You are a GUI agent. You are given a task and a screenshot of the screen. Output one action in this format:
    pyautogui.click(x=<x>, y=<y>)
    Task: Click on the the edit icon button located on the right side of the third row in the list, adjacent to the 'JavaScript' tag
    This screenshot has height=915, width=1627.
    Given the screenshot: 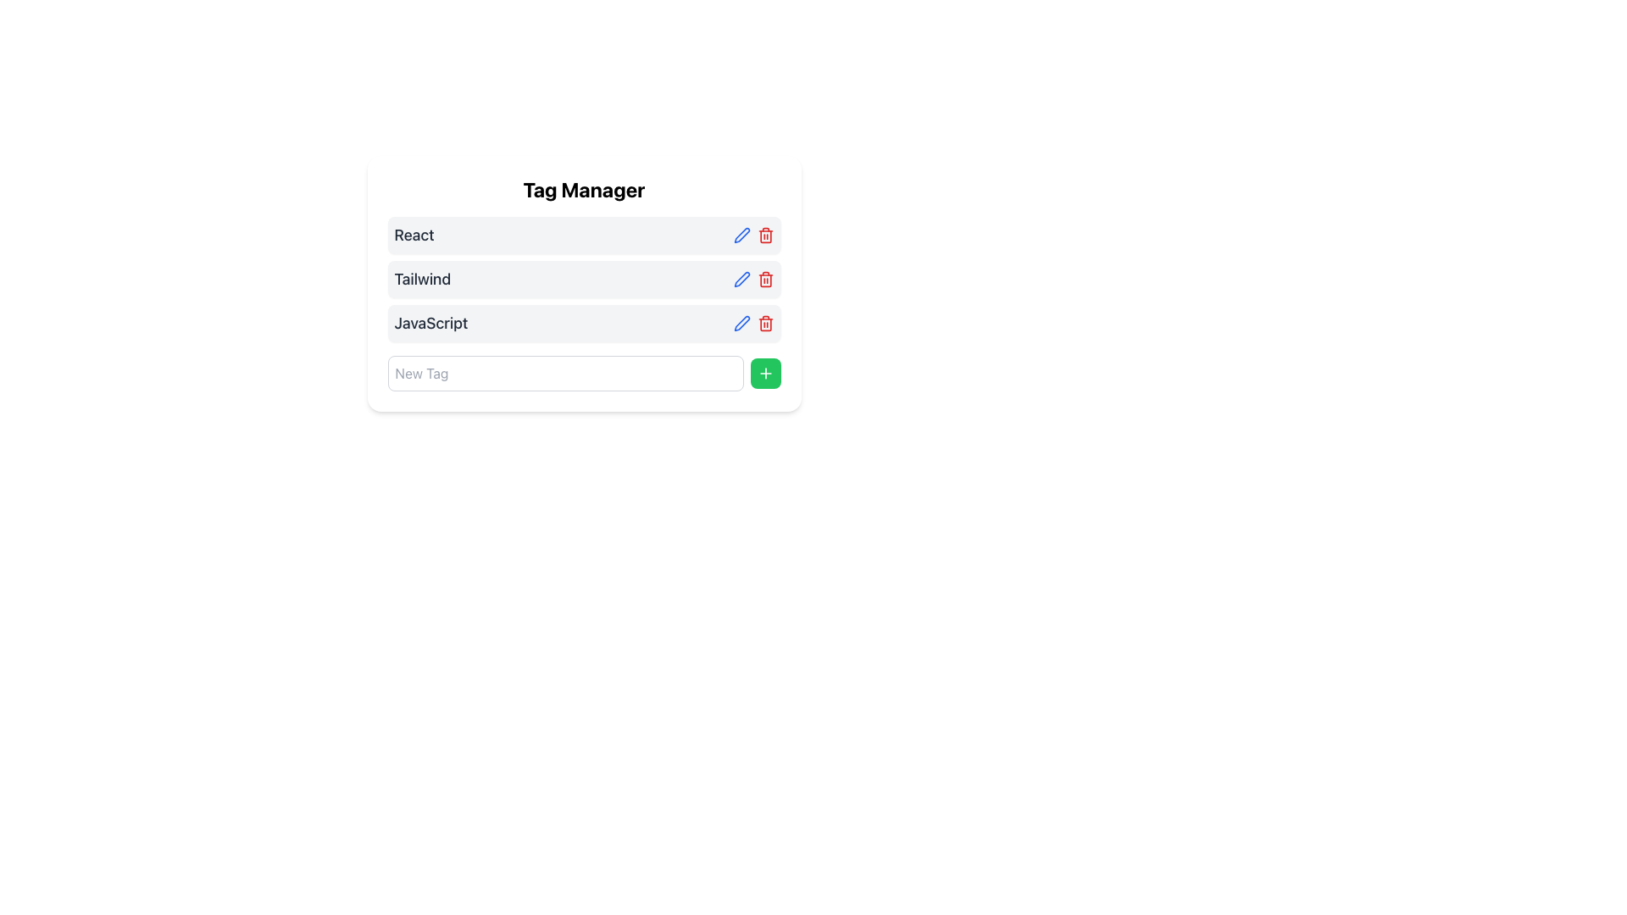 What is the action you would take?
    pyautogui.click(x=741, y=323)
    